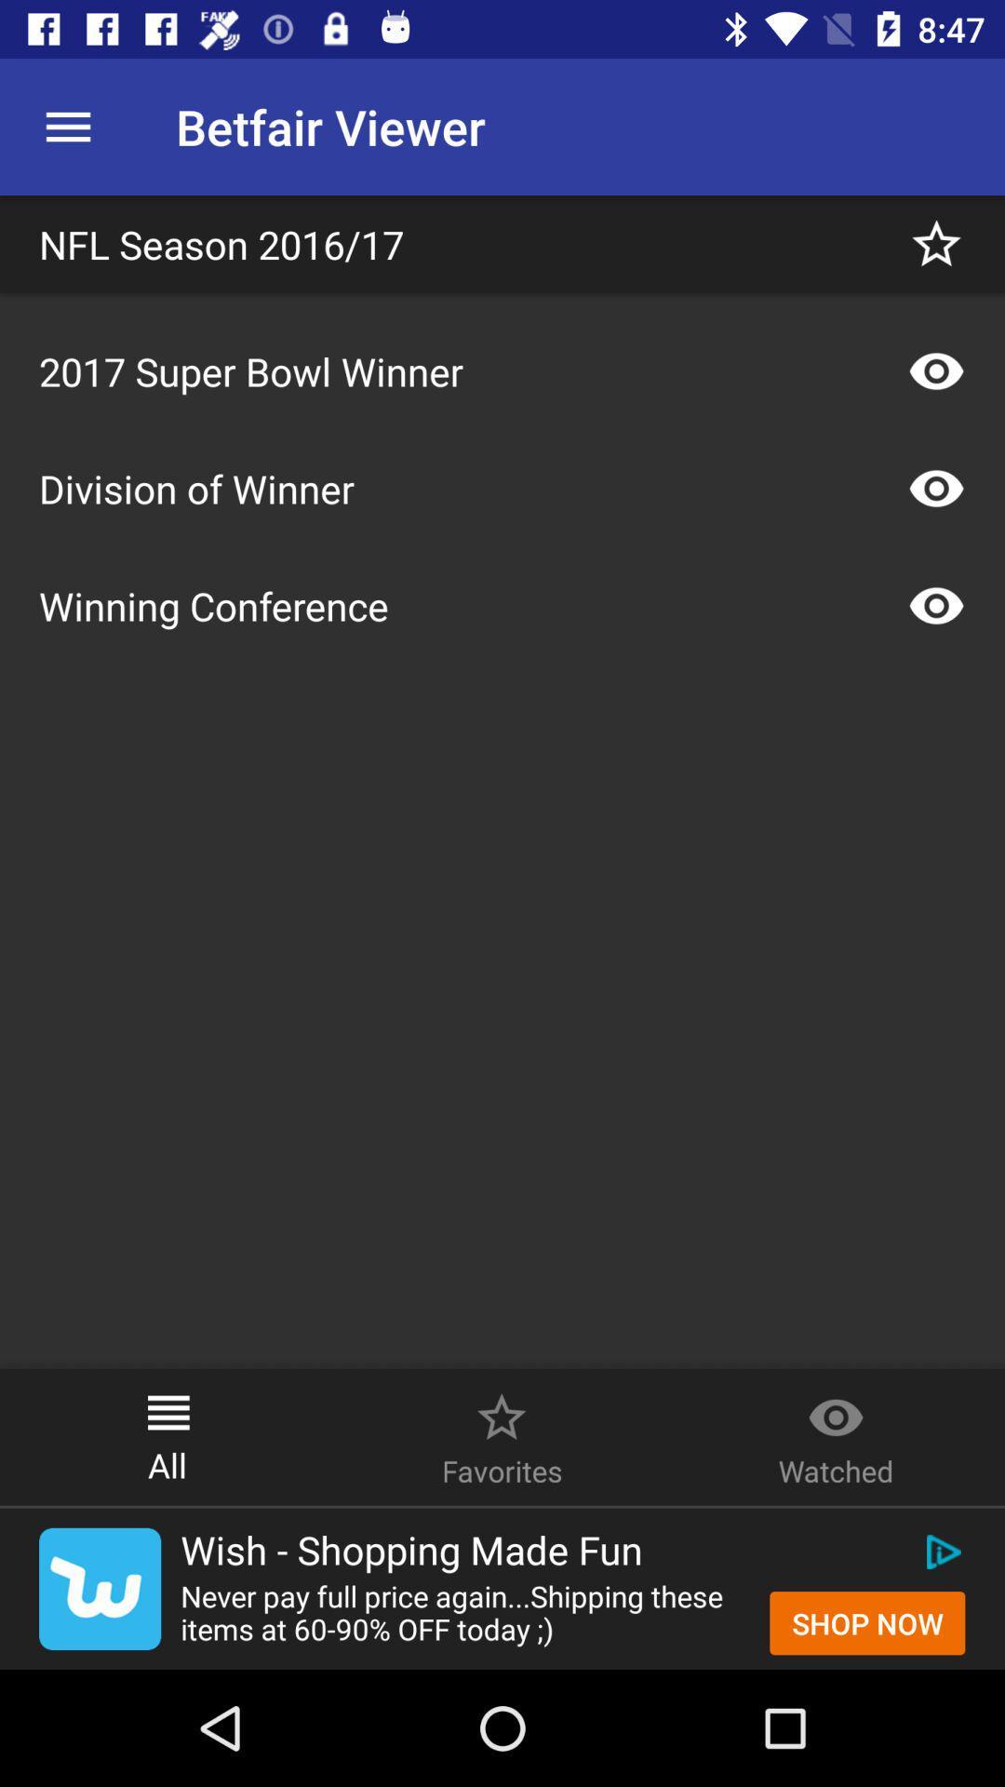 The image size is (1005, 1787). Describe the element at coordinates (936, 243) in the screenshot. I see `to favorites option` at that location.